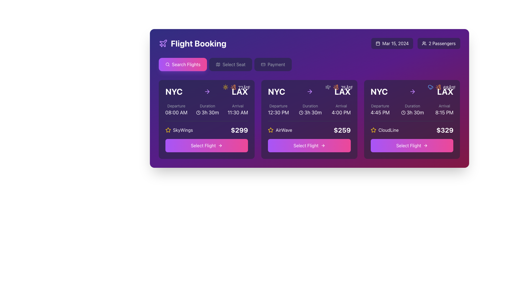 The image size is (532, 299). What do you see at coordinates (207, 112) in the screenshot?
I see `the flight duration displayed in the 'Duration' label of the leftmost card in the grid layout, positioned between the departure and arrival times` at bounding box center [207, 112].